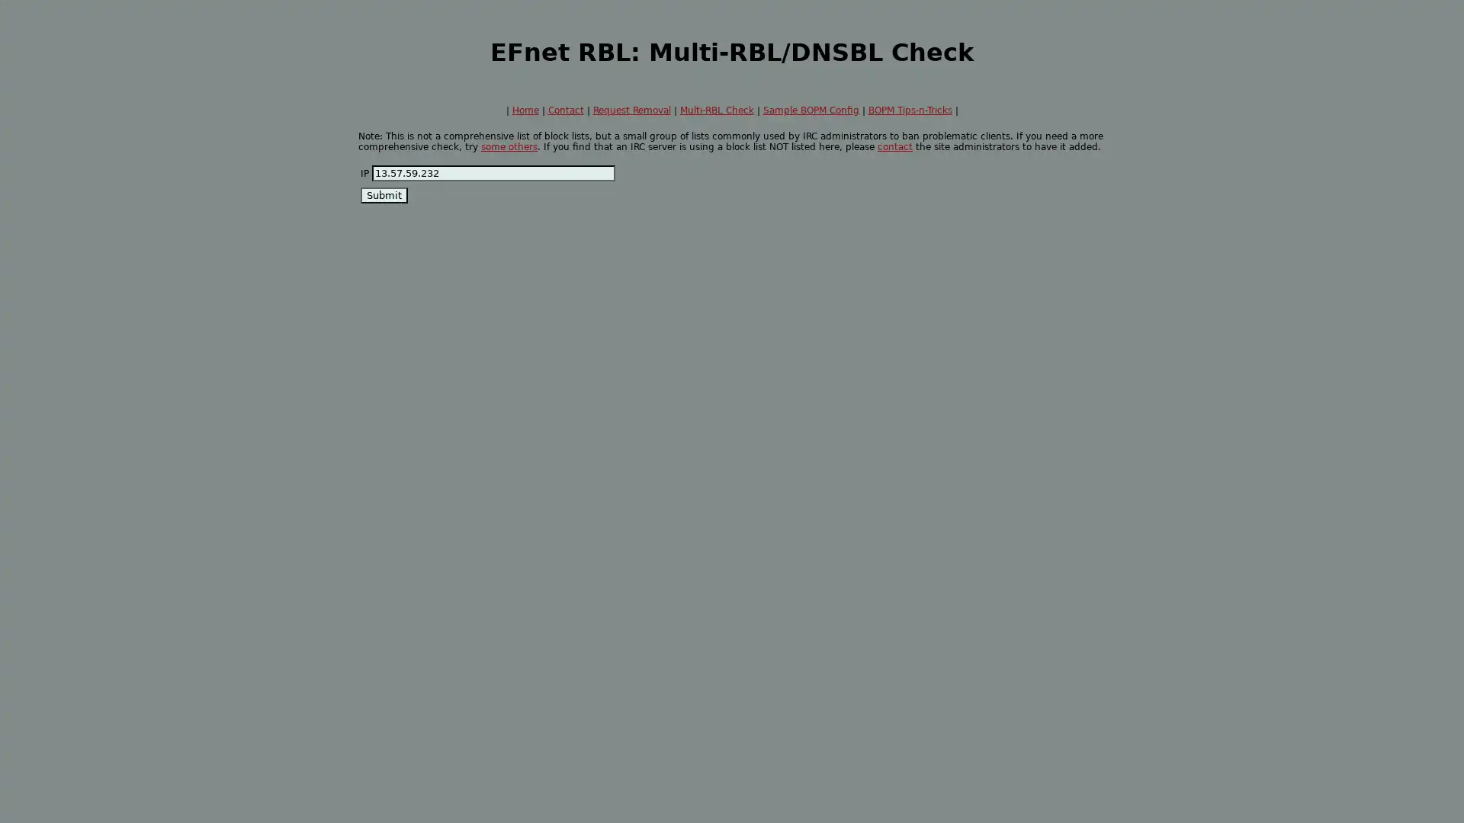 The width and height of the screenshot is (1464, 823). What do you see at coordinates (384, 194) in the screenshot?
I see `Submit` at bounding box center [384, 194].